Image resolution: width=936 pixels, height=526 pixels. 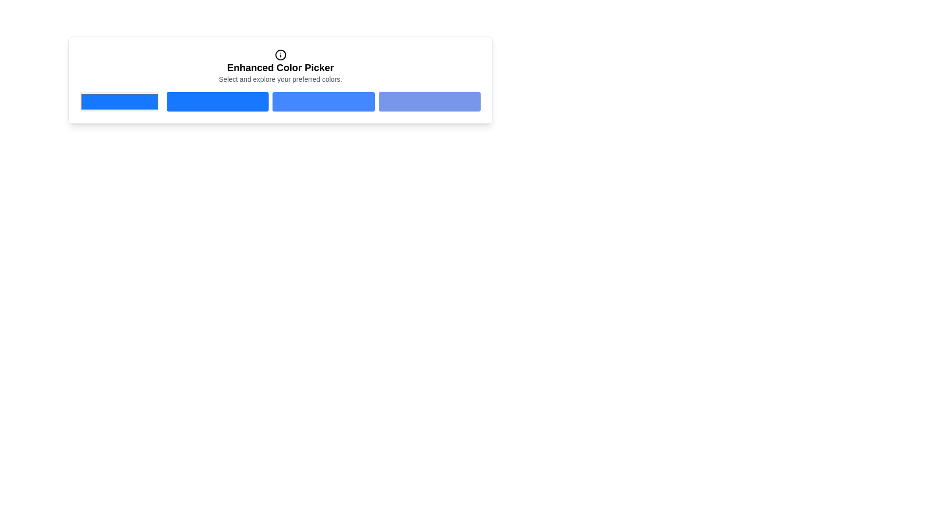 What do you see at coordinates (119, 101) in the screenshot?
I see `the color input field for selecting the blue color (#1677ff)` at bounding box center [119, 101].